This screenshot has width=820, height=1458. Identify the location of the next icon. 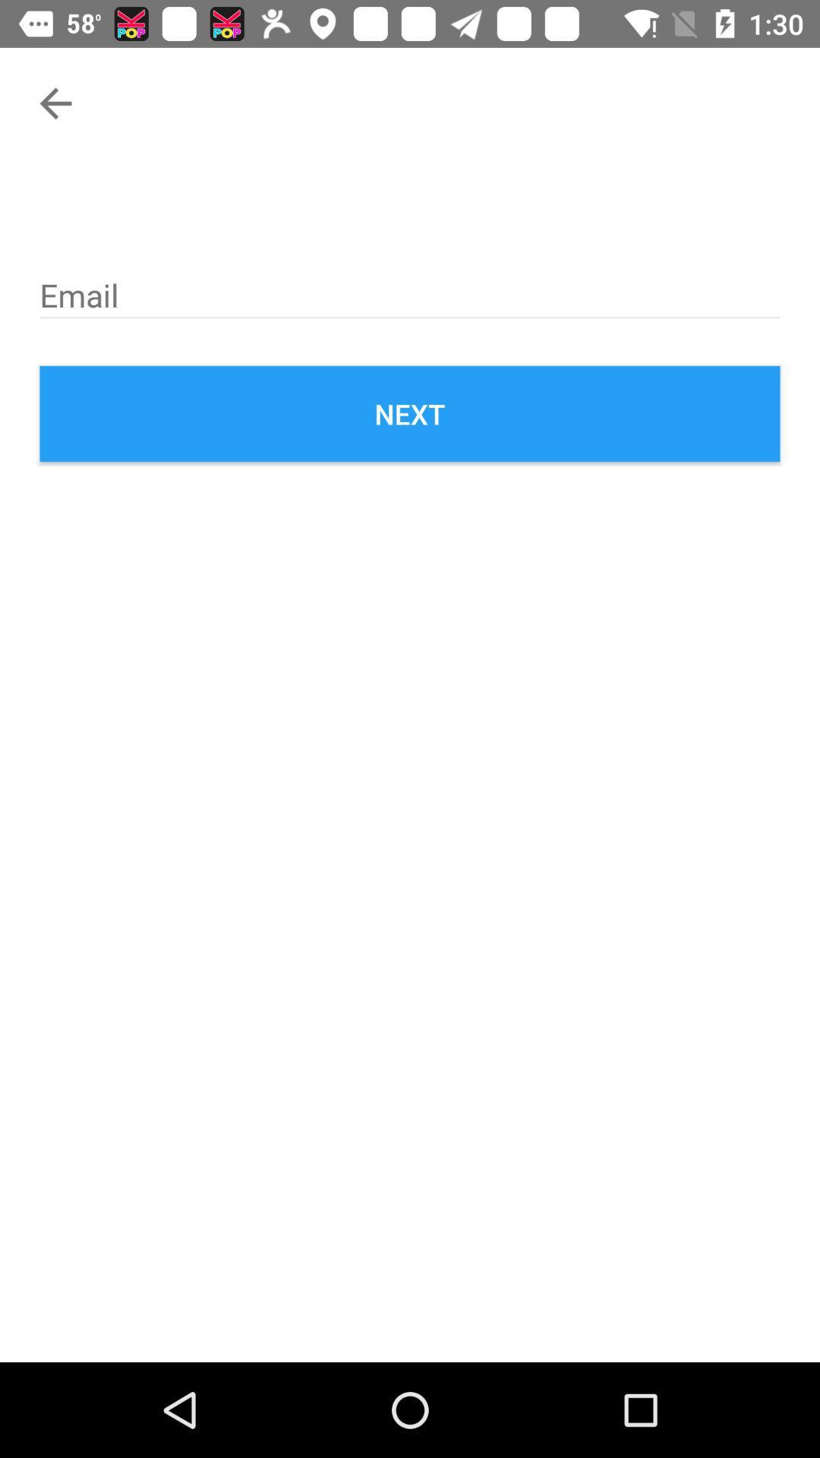
(410, 414).